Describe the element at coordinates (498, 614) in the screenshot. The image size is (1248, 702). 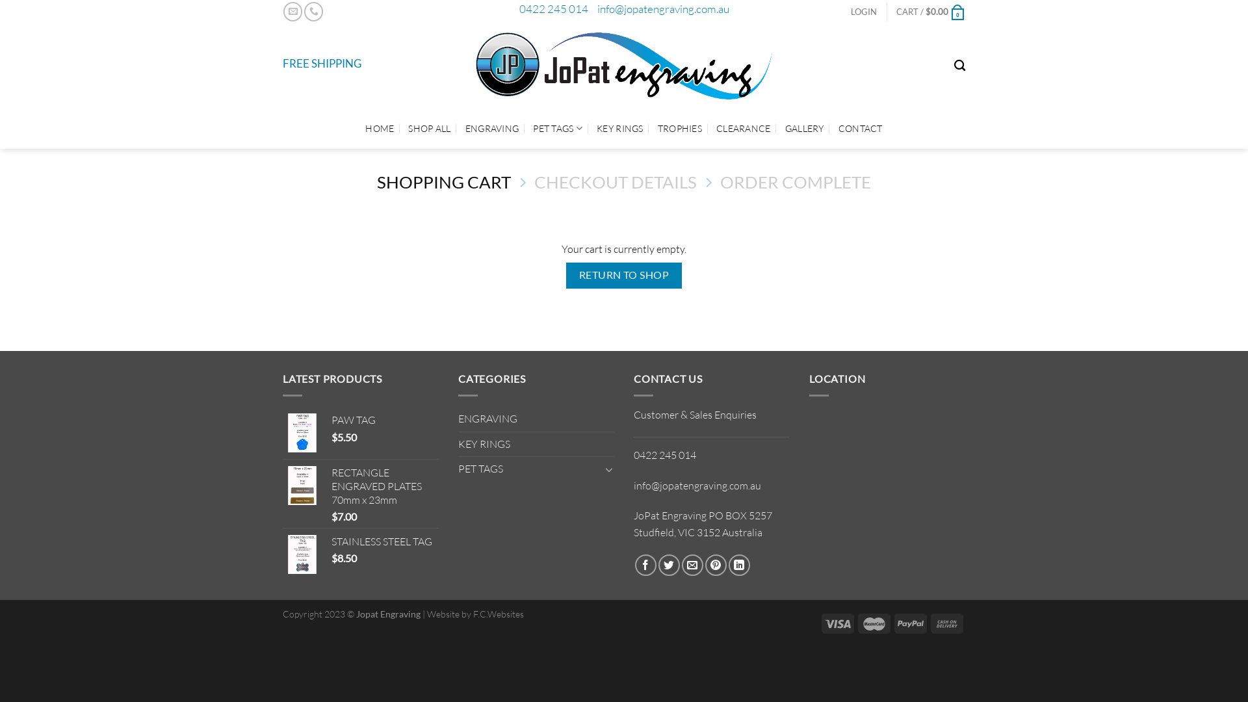
I see `'F.C.Websites'` at that location.